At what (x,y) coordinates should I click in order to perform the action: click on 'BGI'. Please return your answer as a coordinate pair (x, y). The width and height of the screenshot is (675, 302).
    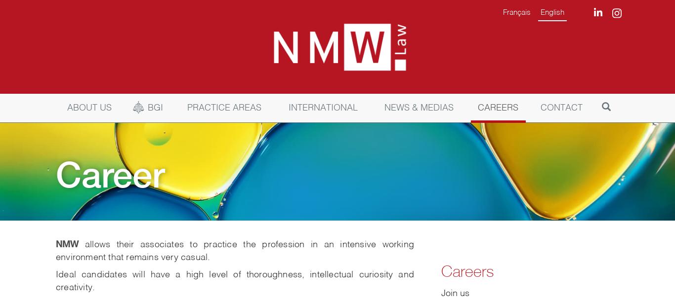
    Looking at the image, I should click on (155, 107).